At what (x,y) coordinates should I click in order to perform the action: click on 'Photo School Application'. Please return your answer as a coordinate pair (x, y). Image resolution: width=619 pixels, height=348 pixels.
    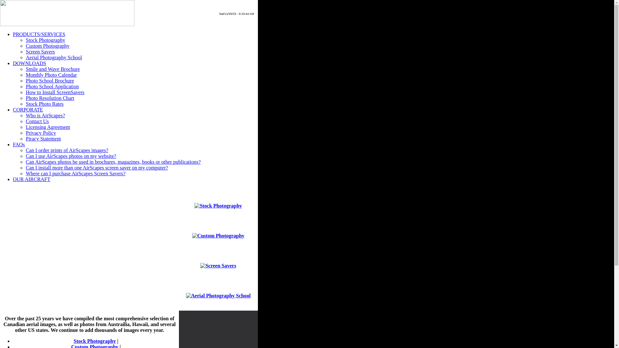
    Looking at the image, I should click on (26, 86).